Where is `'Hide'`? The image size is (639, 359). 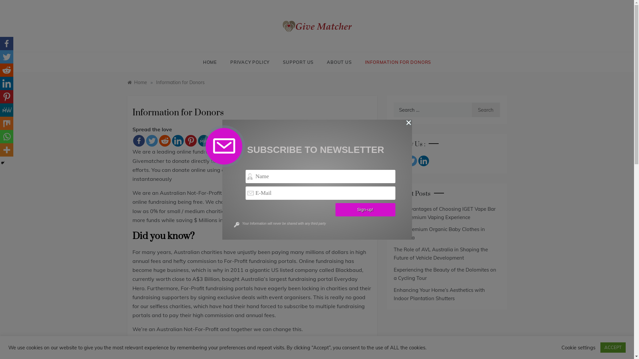
'Hide' is located at coordinates (3, 163).